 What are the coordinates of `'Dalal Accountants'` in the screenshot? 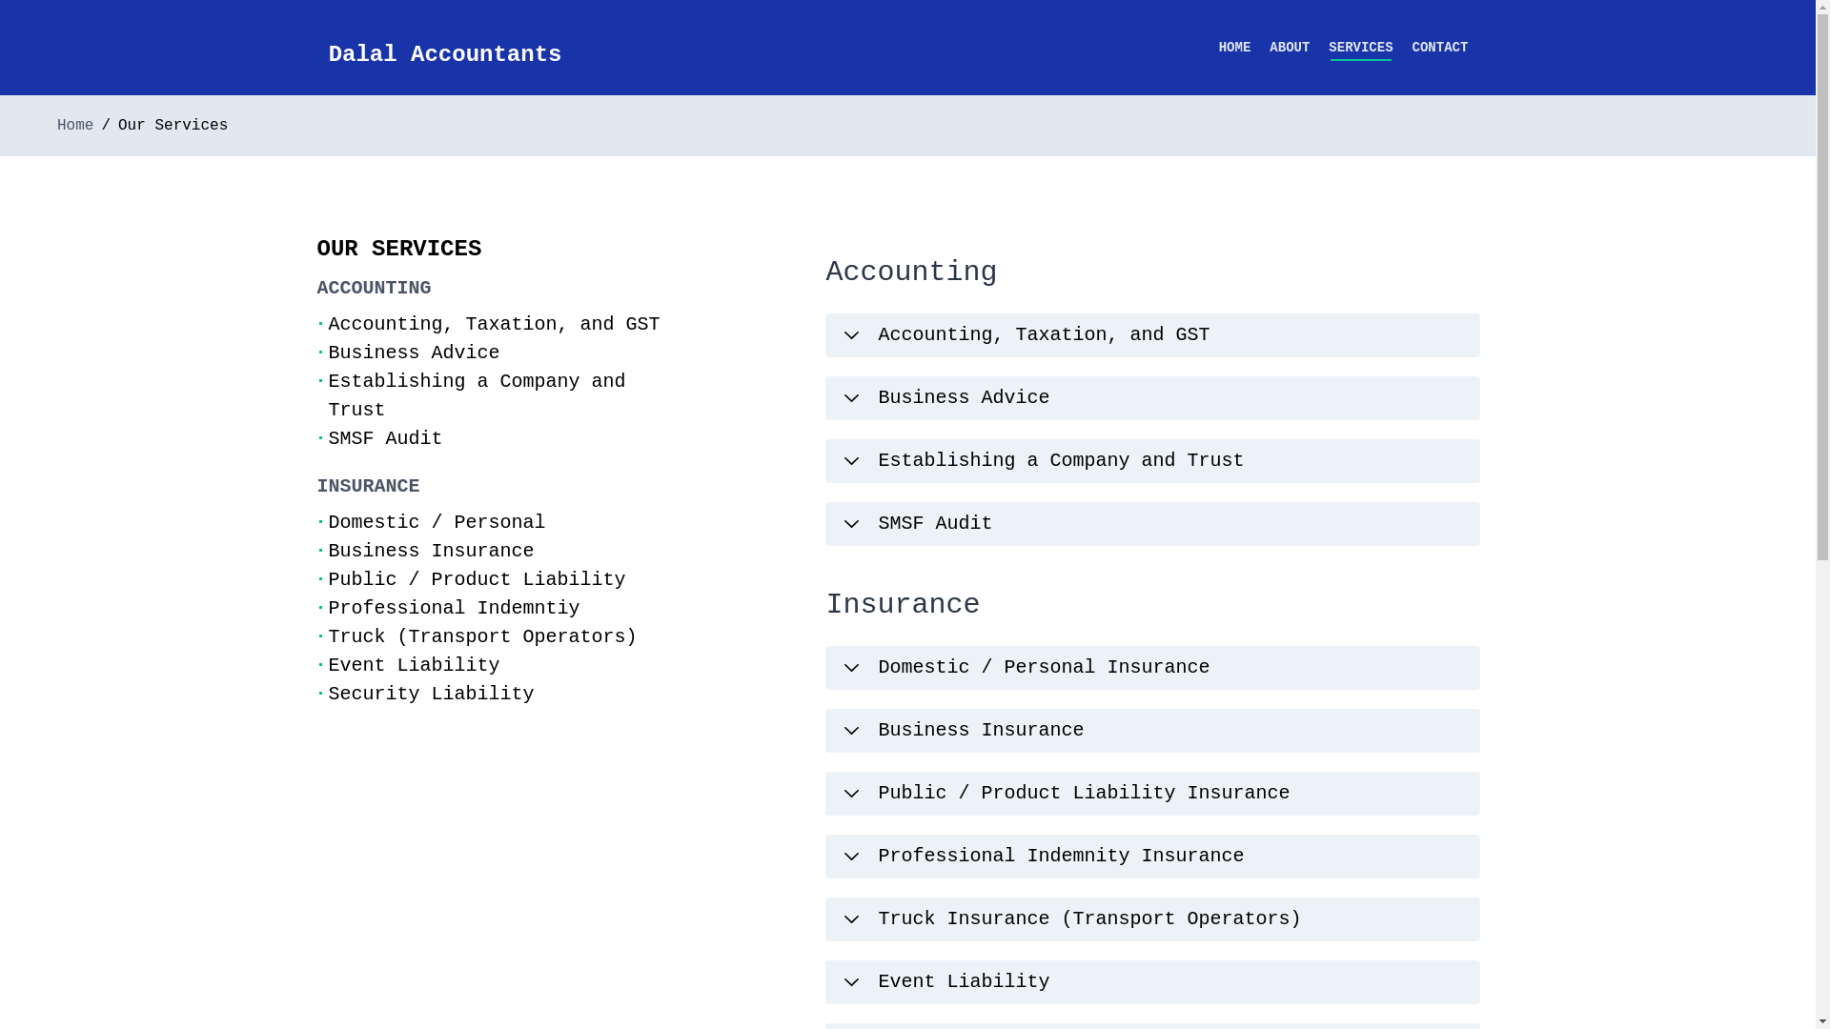 It's located at (444, 53).